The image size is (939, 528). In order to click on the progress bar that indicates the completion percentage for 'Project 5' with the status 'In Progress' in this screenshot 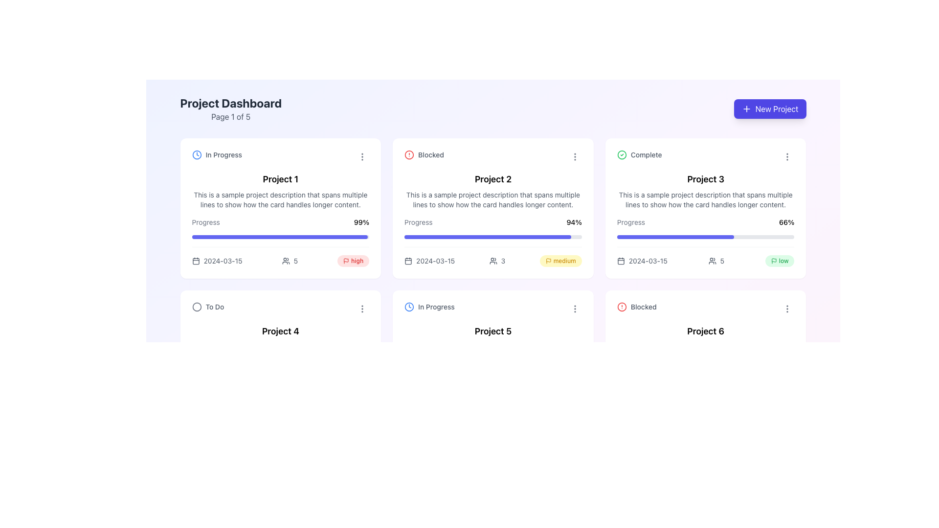, I will do `click(493, 388)`.